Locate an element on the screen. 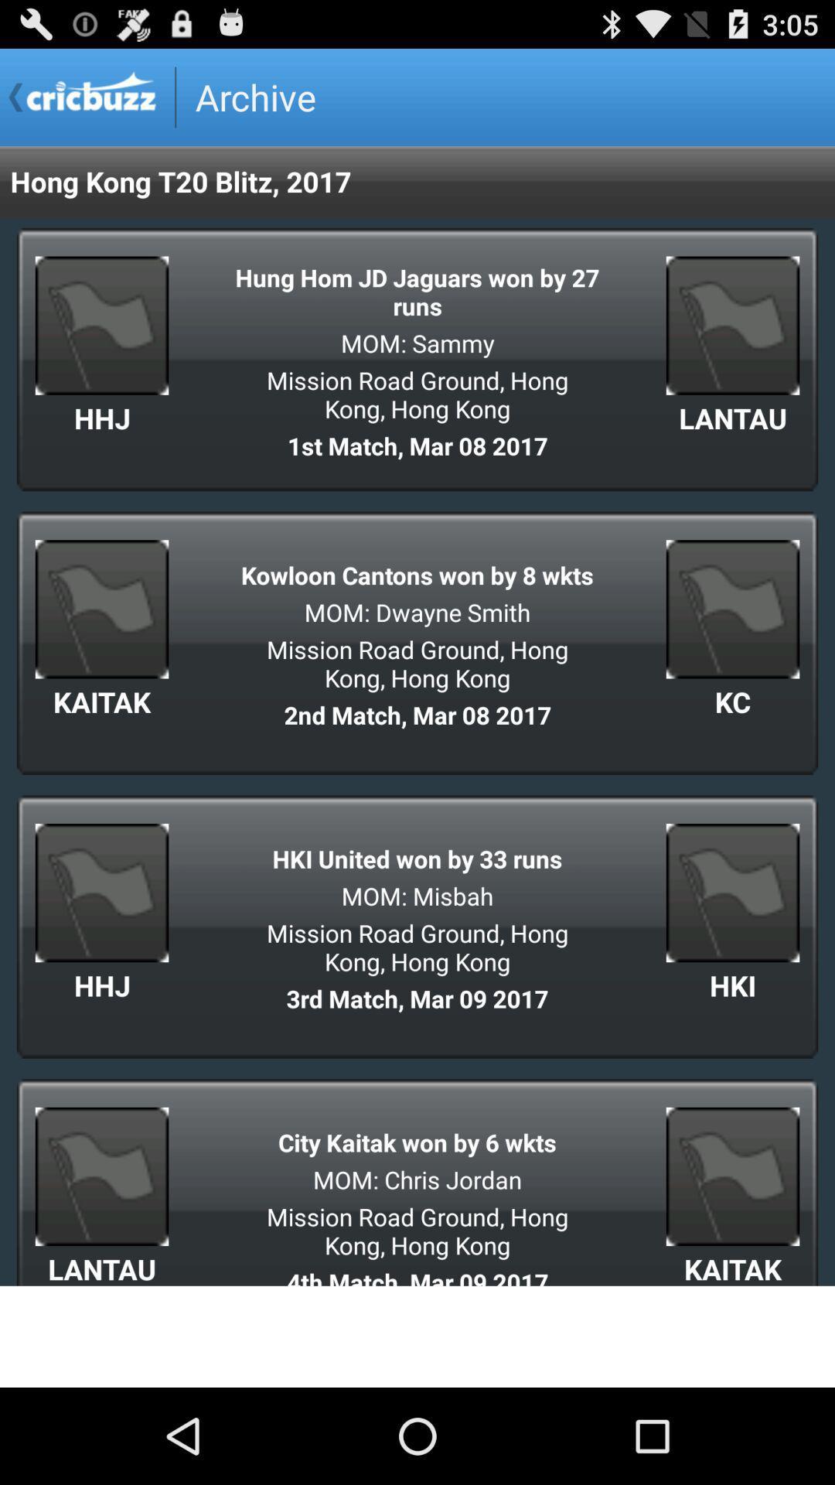  the city kaitak won icon is located at coordinates (417, 1142).